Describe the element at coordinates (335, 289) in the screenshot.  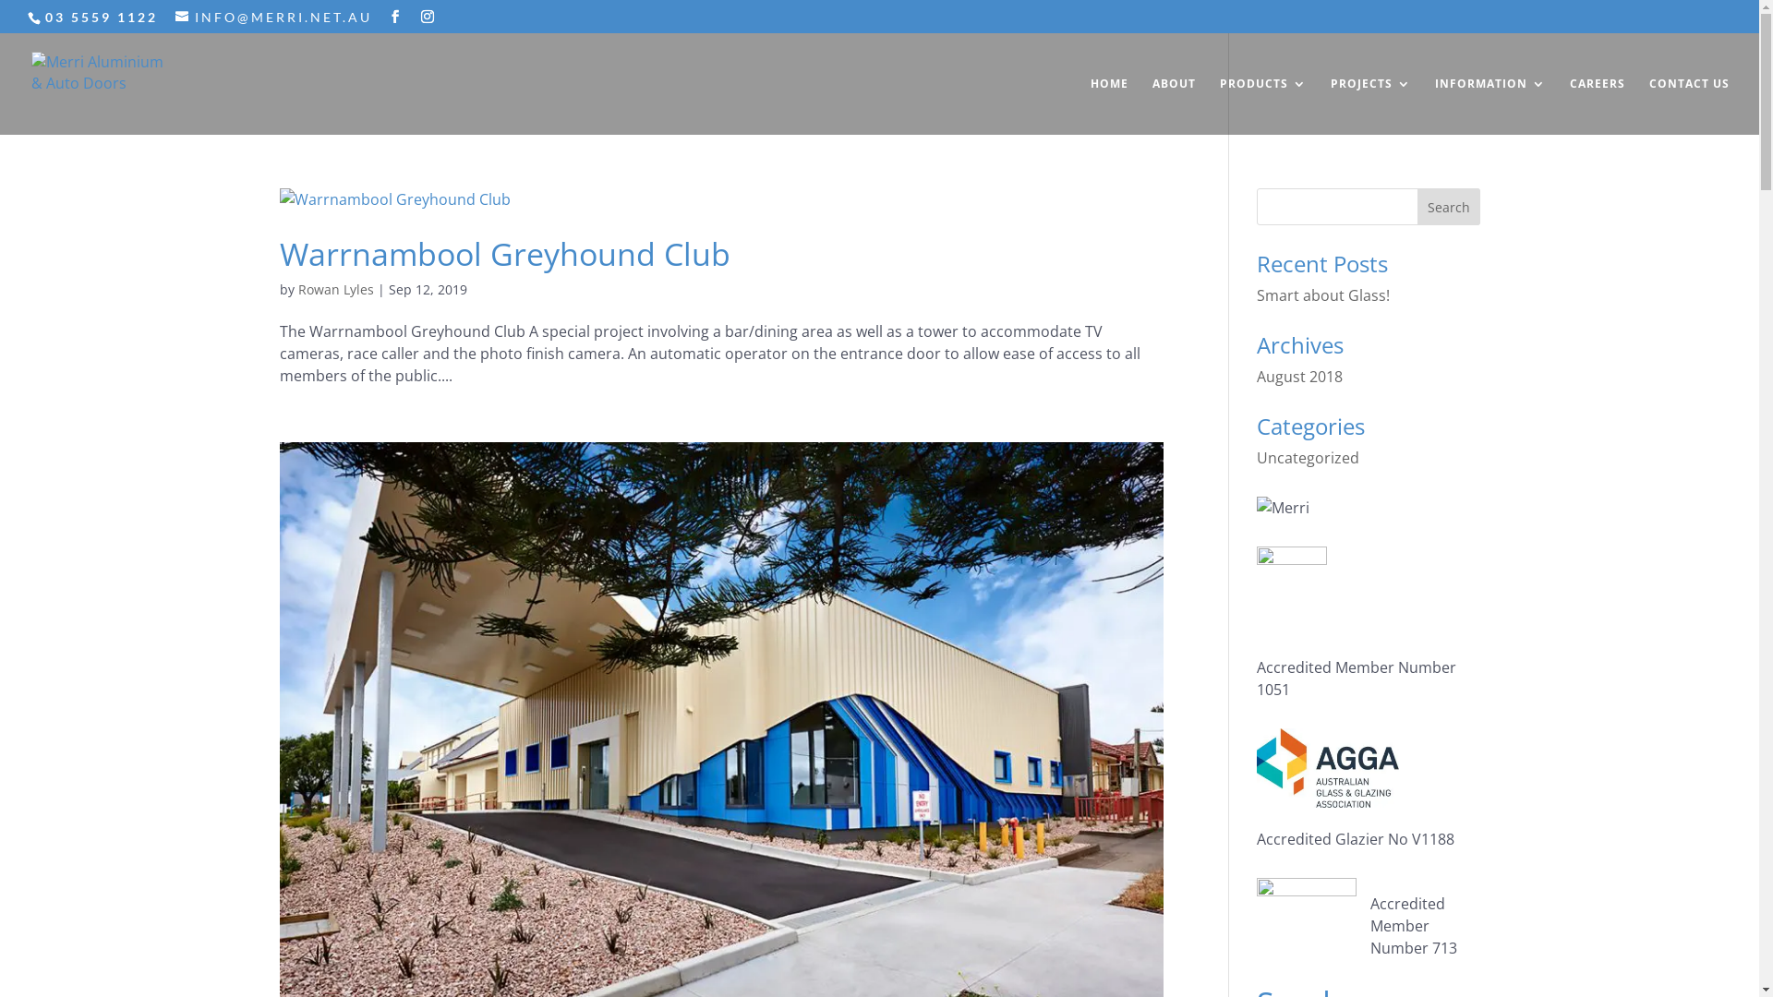
I see `'Rowan Lyles'` at that location.